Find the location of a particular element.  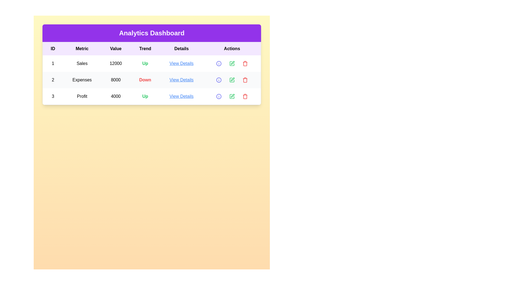

the editing icon in the 'Actions' column of the third row in the 'Analytics Dashboard' is located at coordinates (232, 63).